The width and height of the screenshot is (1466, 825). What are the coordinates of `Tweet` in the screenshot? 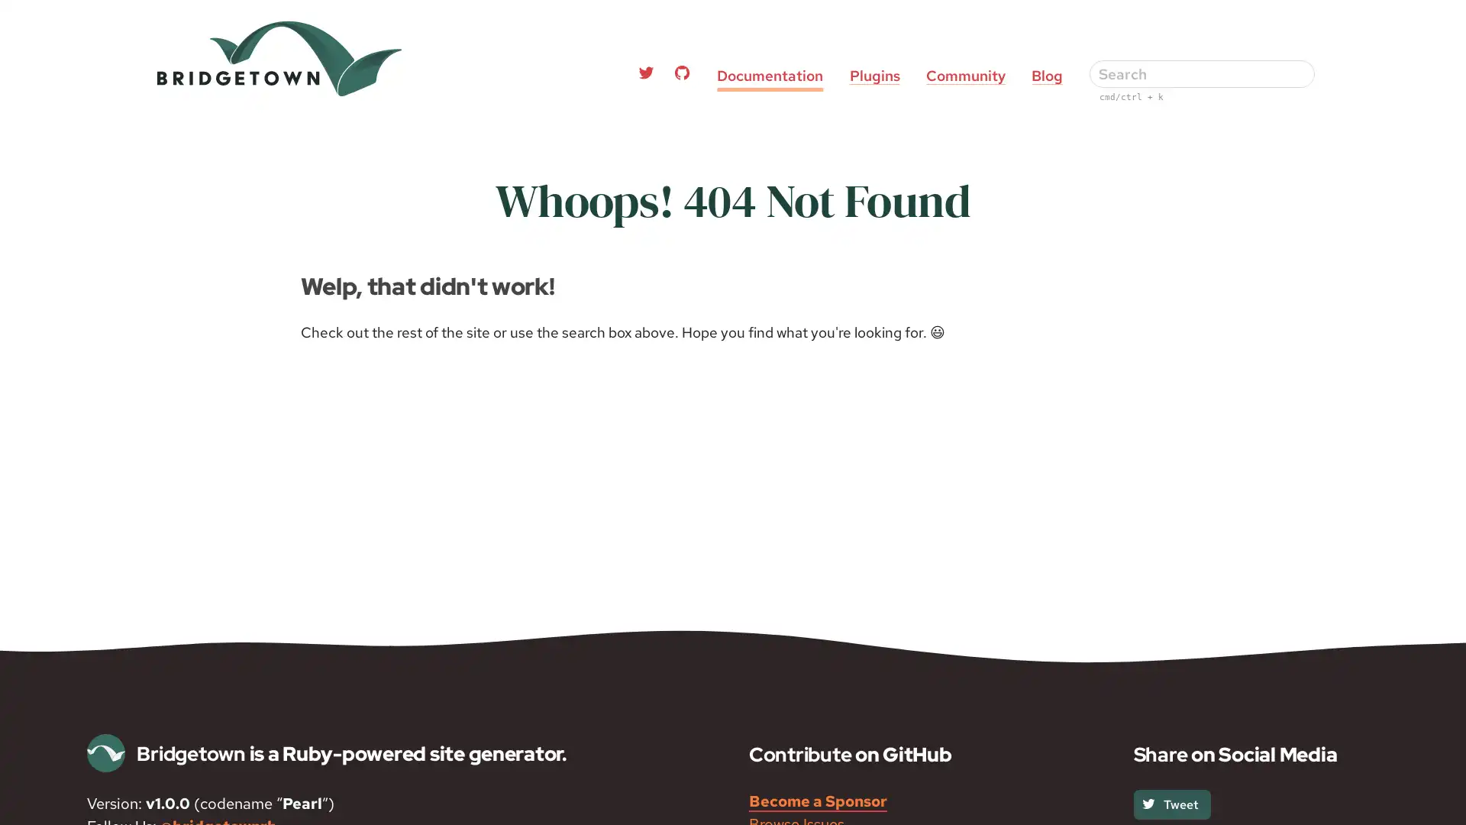 It's located at (1171, 803).